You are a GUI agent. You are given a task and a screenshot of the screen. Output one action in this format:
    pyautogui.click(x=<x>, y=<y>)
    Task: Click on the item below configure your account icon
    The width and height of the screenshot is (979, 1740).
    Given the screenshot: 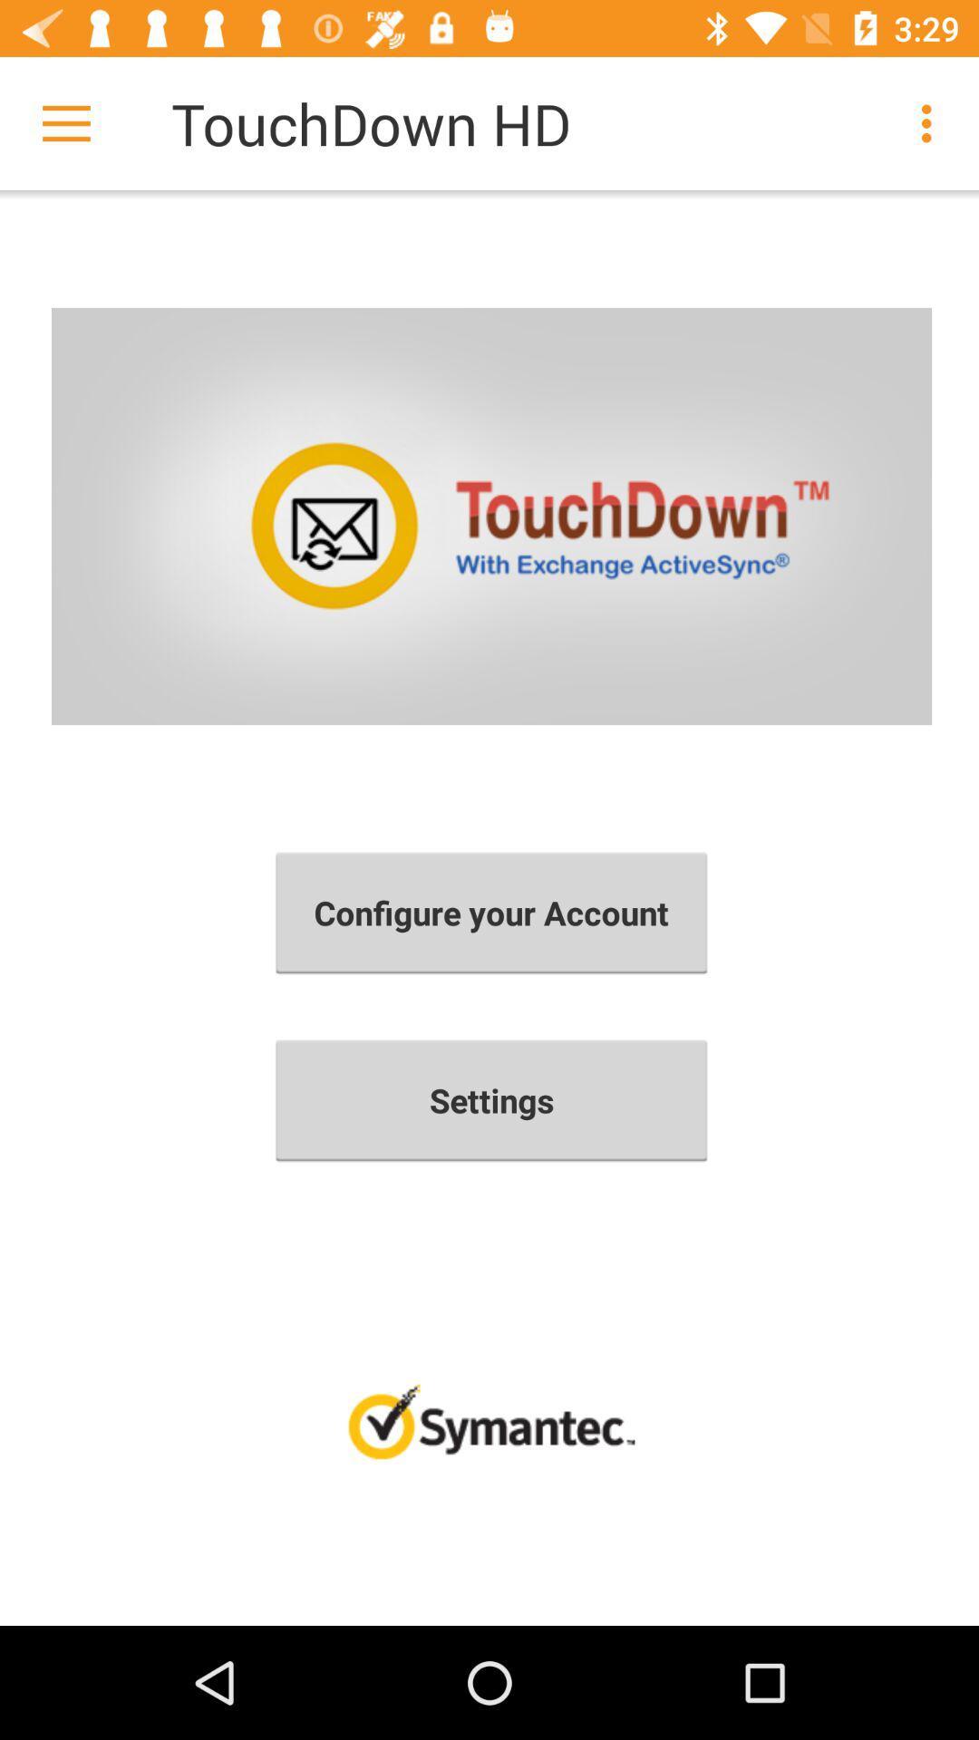 What is the action you would take?
    pyautogui.click(x=491, y=1099)
    